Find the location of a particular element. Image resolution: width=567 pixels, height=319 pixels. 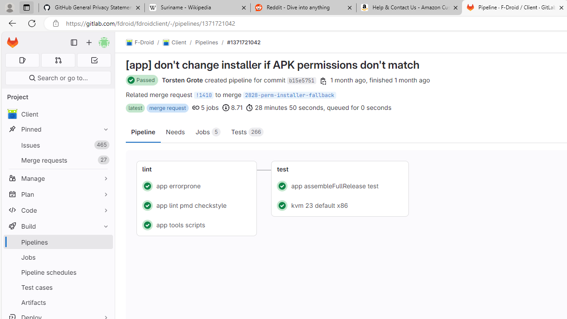

'b15e5751' is located at coordinates (301, 81).